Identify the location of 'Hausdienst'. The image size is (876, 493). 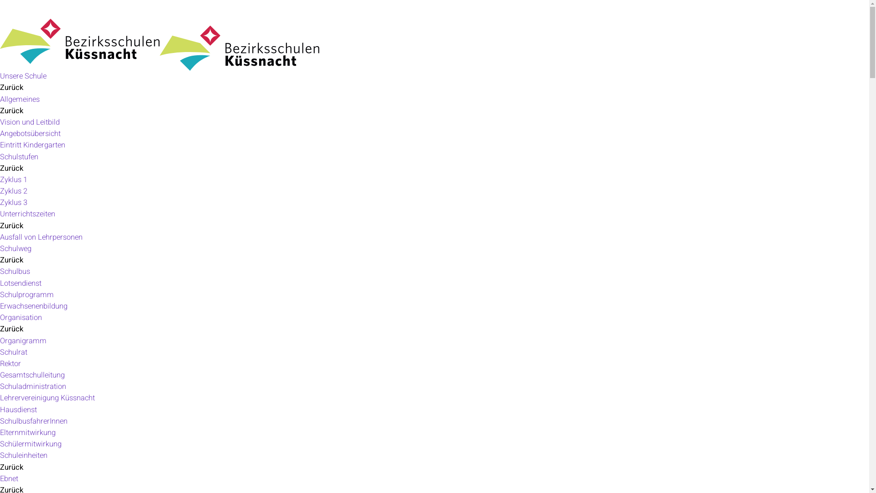
(0, 409).